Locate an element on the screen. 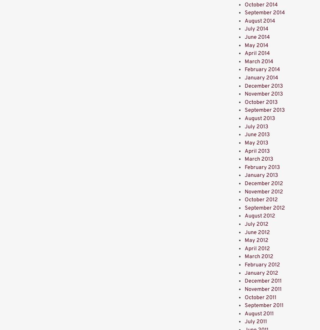  'February 2013' is located at coordinates (262, 167).